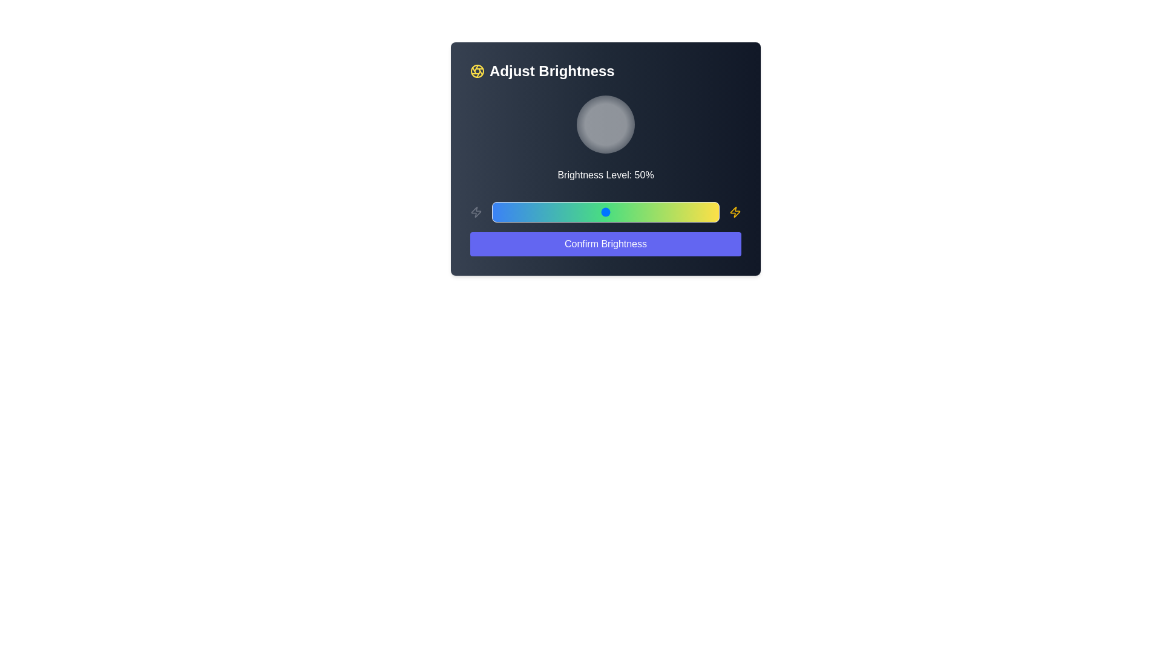 The image size is (1162, 653). Describe the element at coordinates (675, 212) in the screenshot. I see `the brightness slider to 81%` at that location.